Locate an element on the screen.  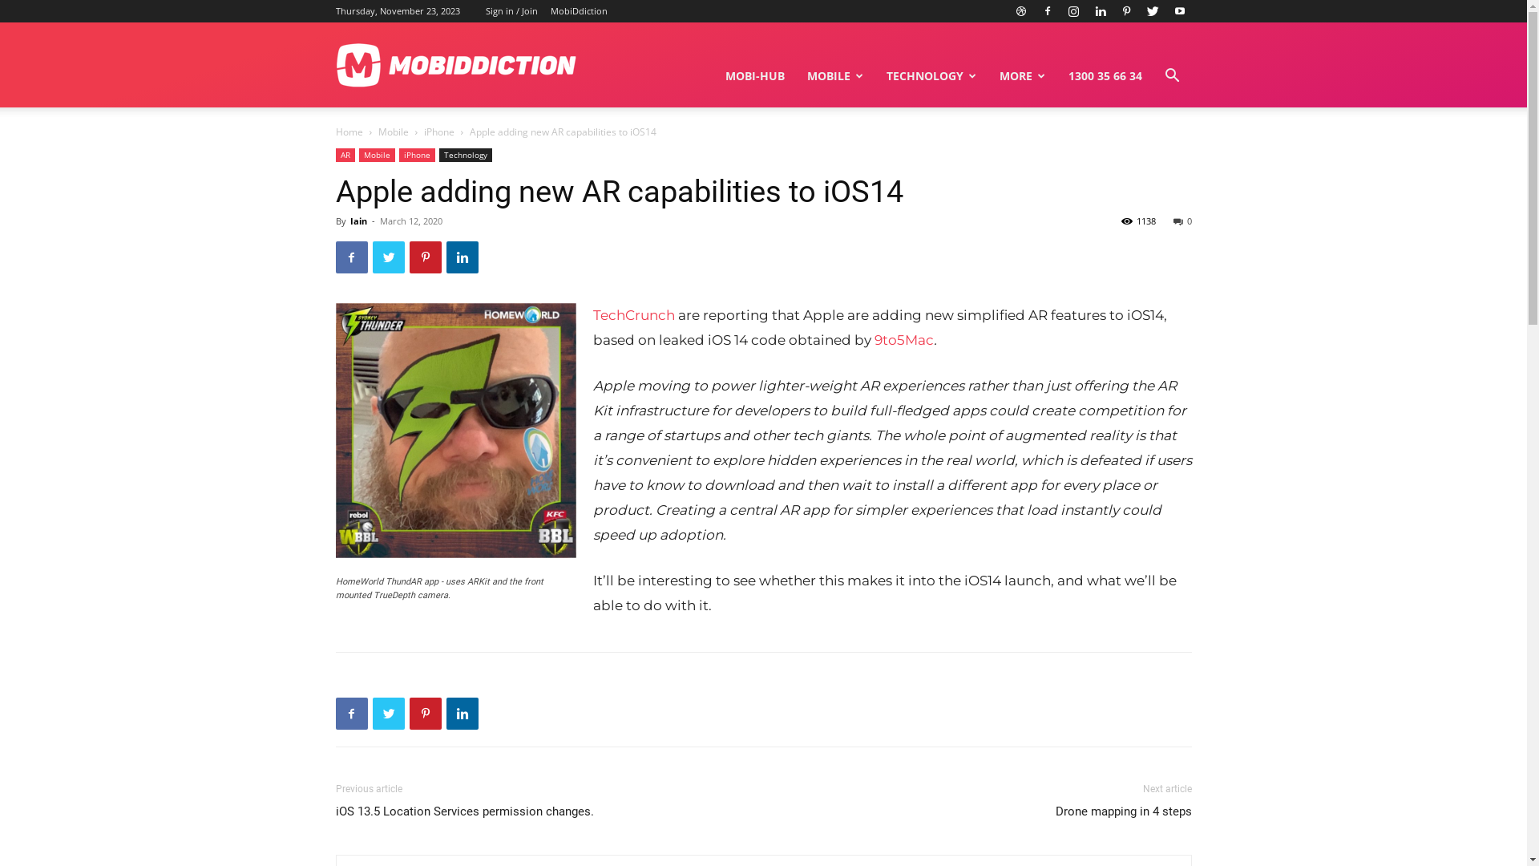
'iOS 13.5 Location Services permission changes.' is located at coordinates (463, 811).